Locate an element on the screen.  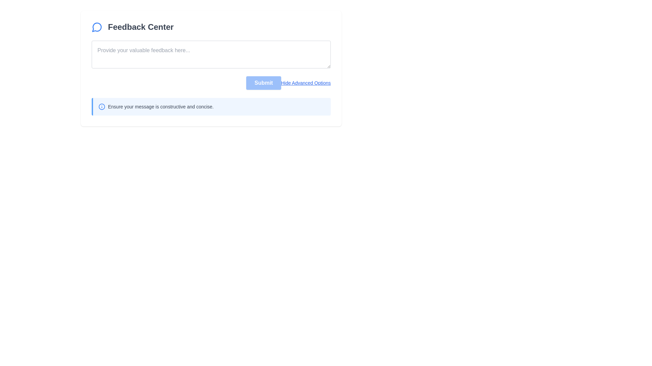
the informational text element styled in blue with the text 'Ensure your message is constructive and concise.' located near the bottom of the feedback section is located at coordinates (212, 107).